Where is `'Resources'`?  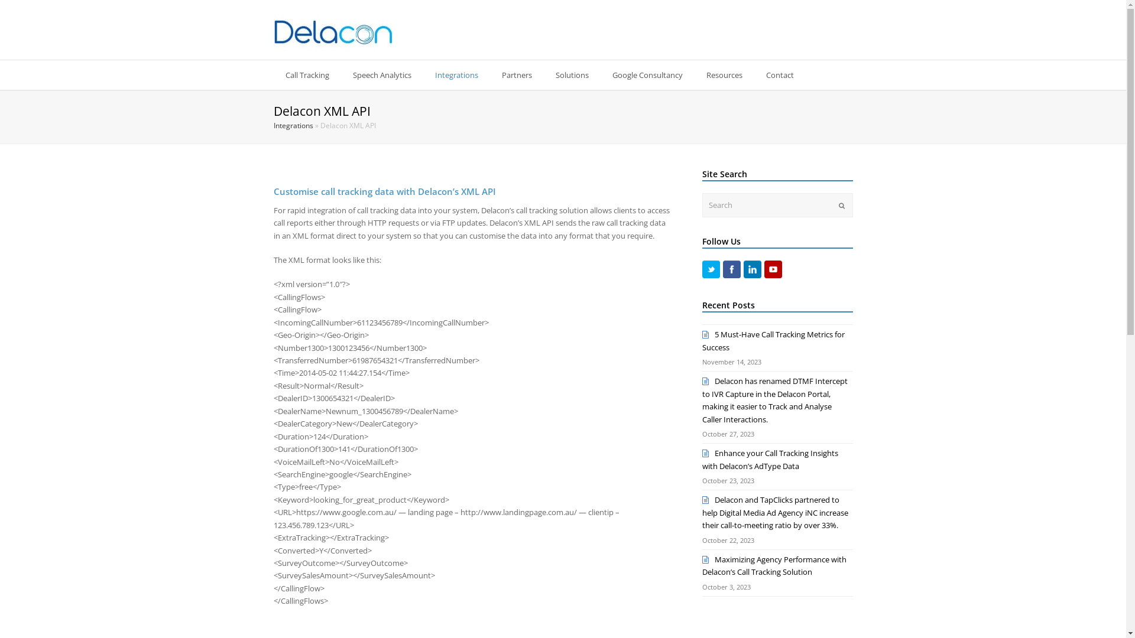
'Resources' is located at coordinates (723, 75).